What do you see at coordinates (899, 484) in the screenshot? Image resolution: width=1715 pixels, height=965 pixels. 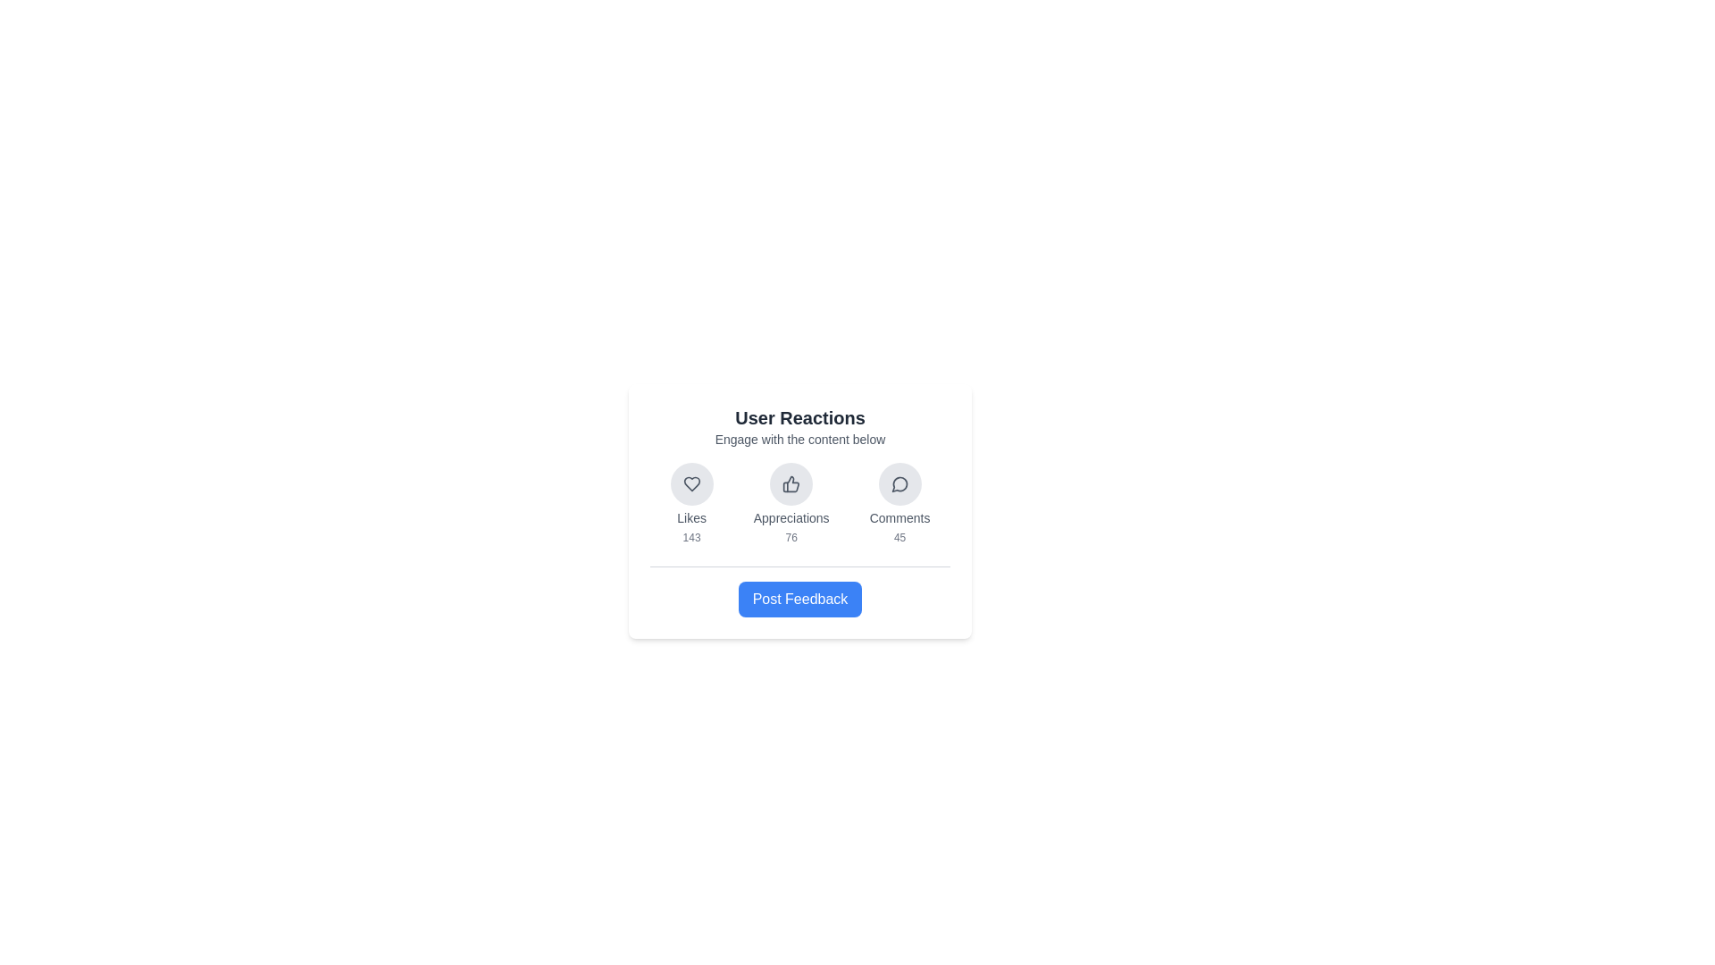 I see `the circular button with a speech bubble icon under the 'User Reactions' heading for accessibility navigation` at bounding box center [899, 484].